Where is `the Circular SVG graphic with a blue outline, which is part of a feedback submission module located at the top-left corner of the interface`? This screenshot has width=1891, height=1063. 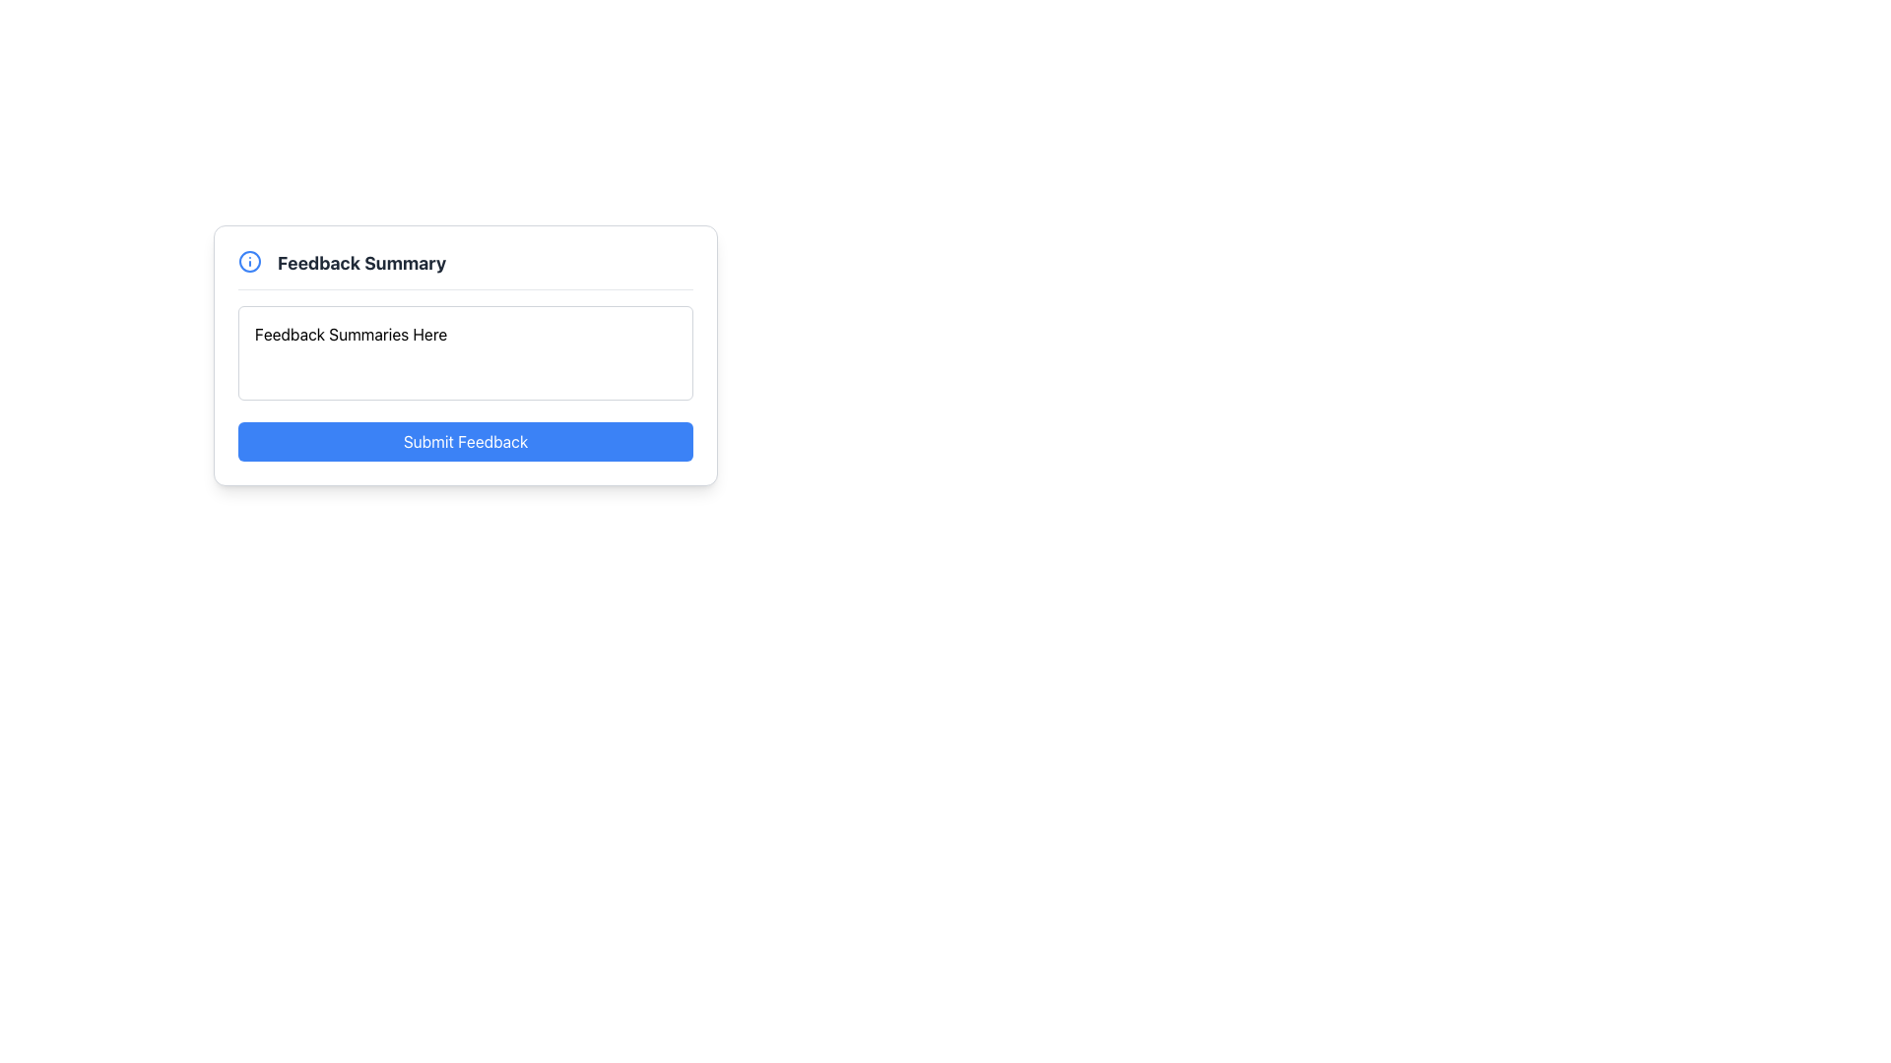 the Circular SVG graphic with a blue outline, which is part of a feedback submission module located at the top-left corner of the interface is located at coordinates (249, 261).